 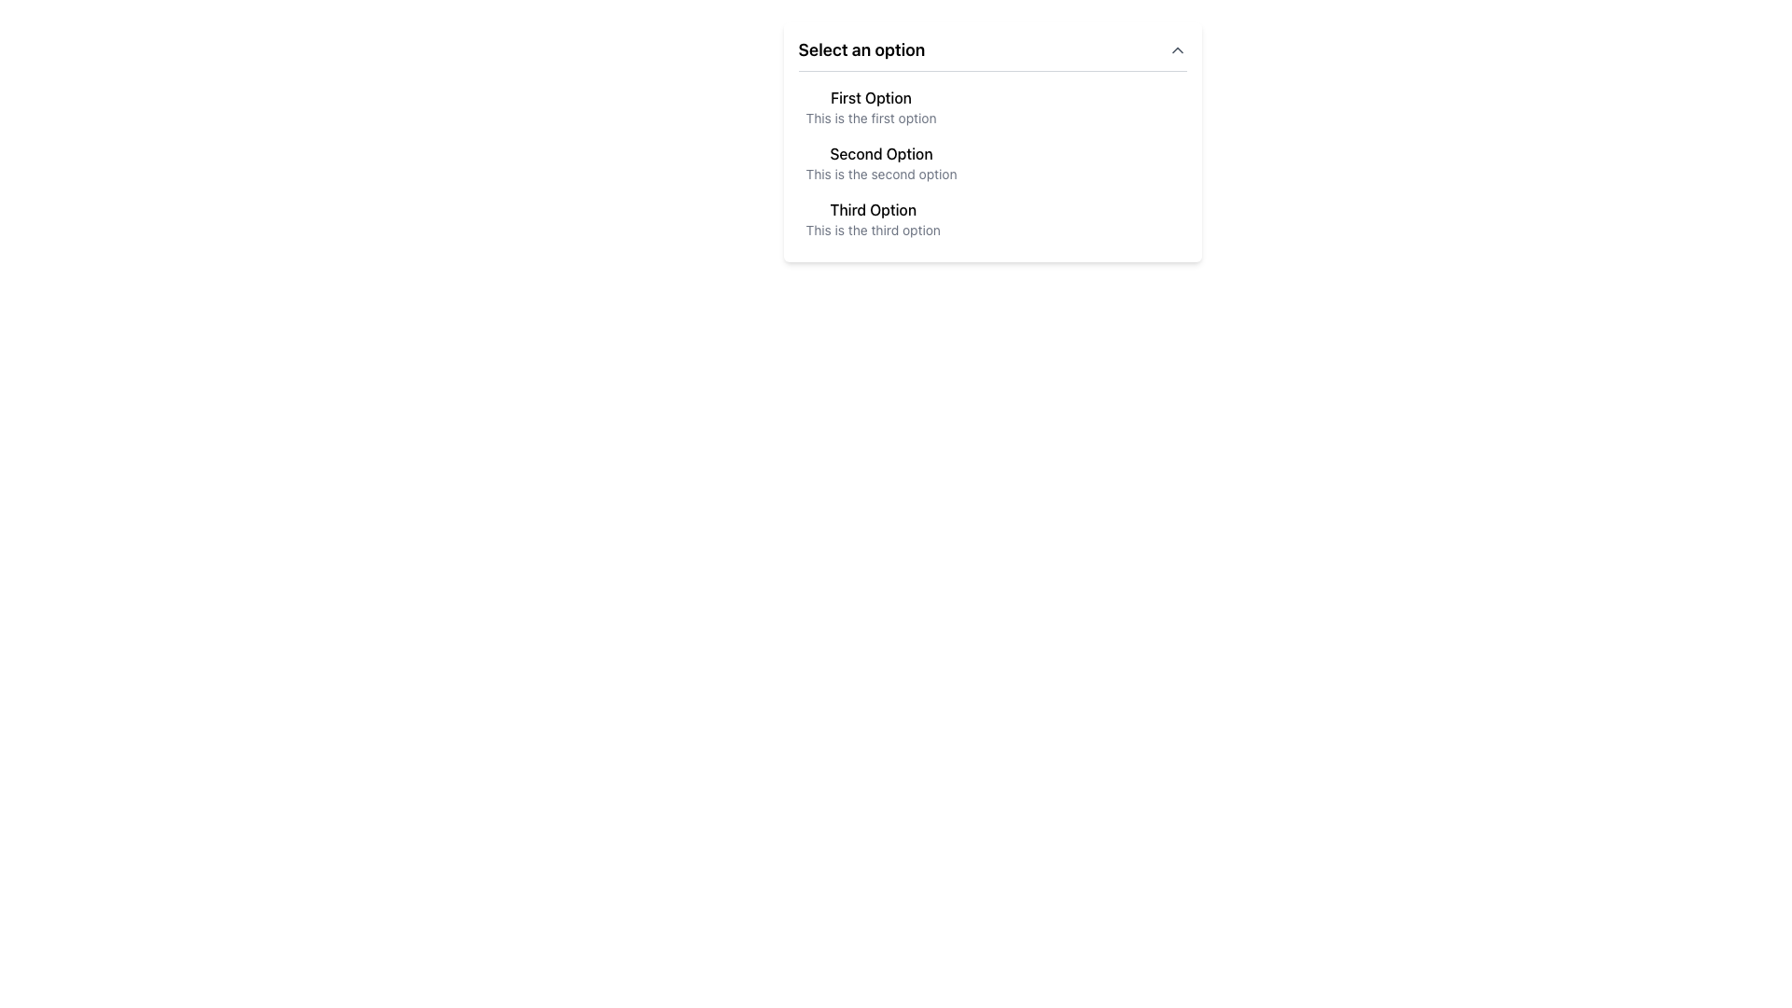 I want to click on the first selectable option in the dropdown menu, which displays 'First Option' in bold and 'This is the first option' in a smaller font, so click(x=869, y=107).